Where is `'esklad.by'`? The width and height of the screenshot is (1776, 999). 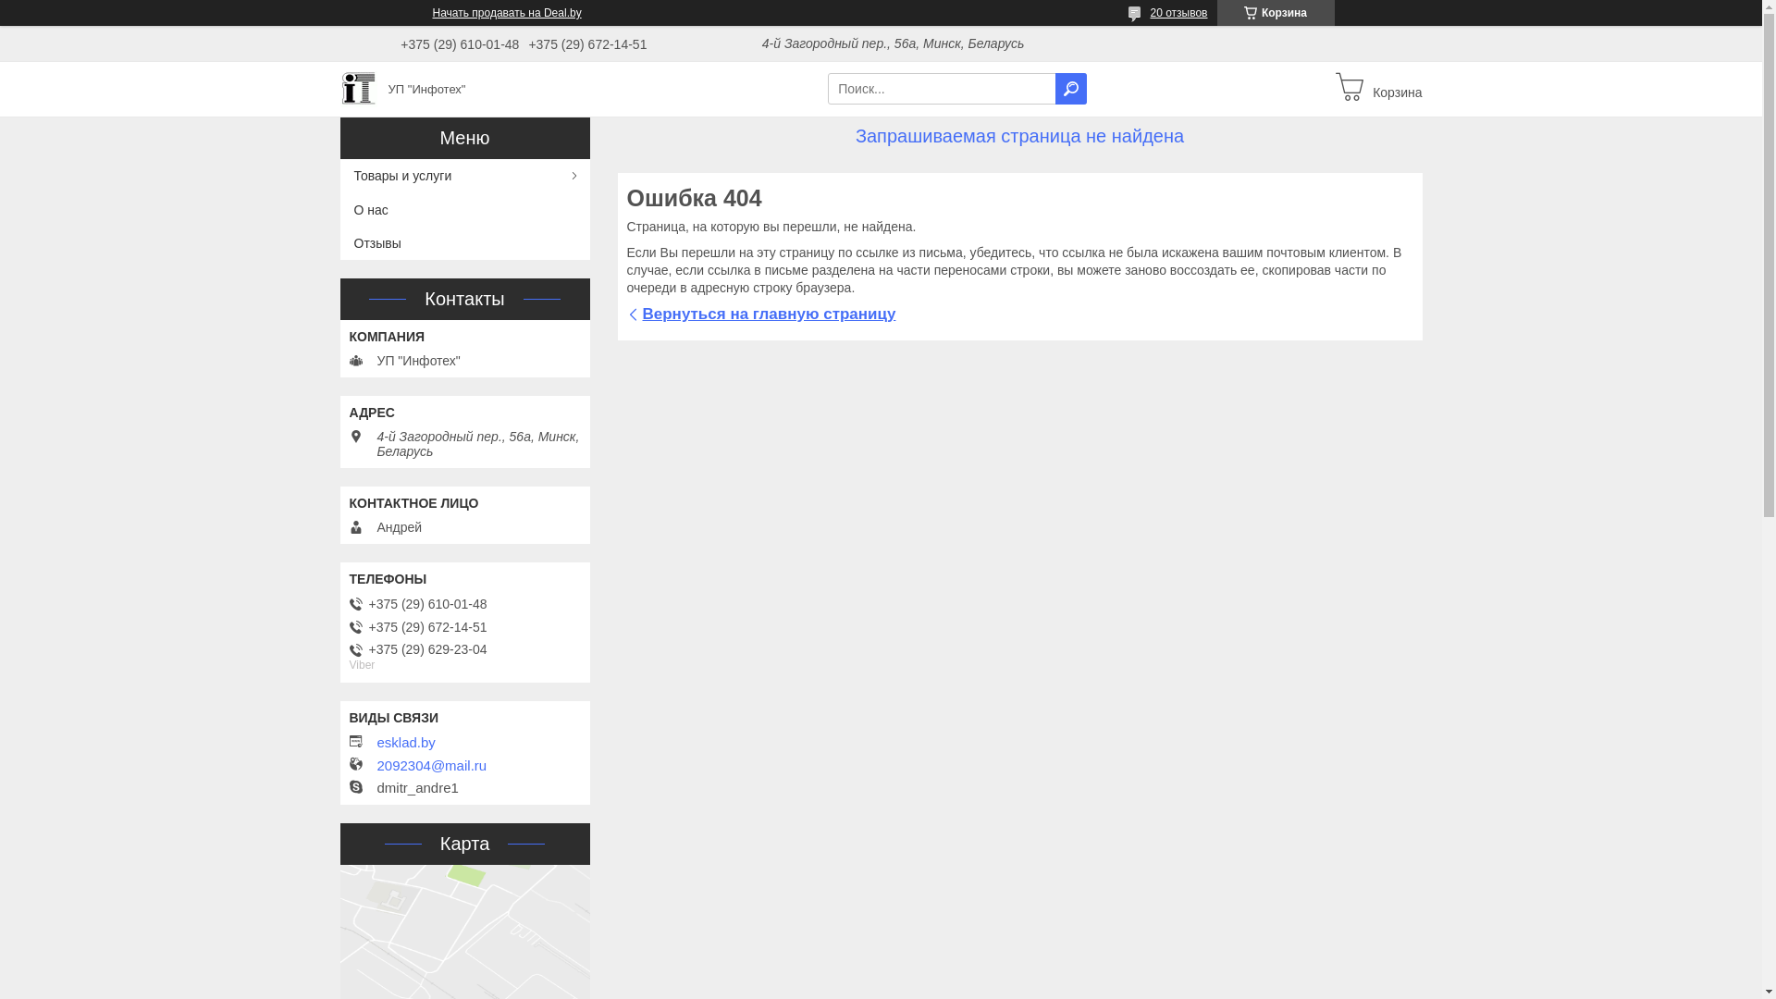 'esklad.by' is located at coordinates (376, 741).